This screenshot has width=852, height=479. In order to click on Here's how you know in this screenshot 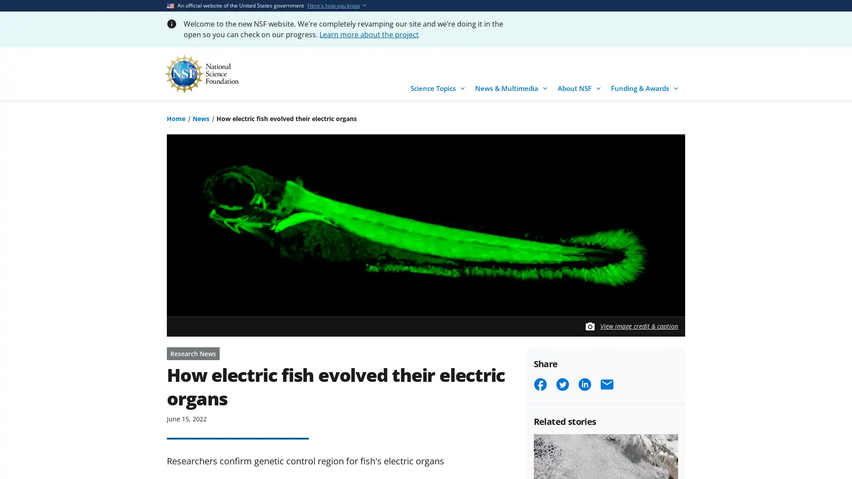, I will do `click(333, 5)`.